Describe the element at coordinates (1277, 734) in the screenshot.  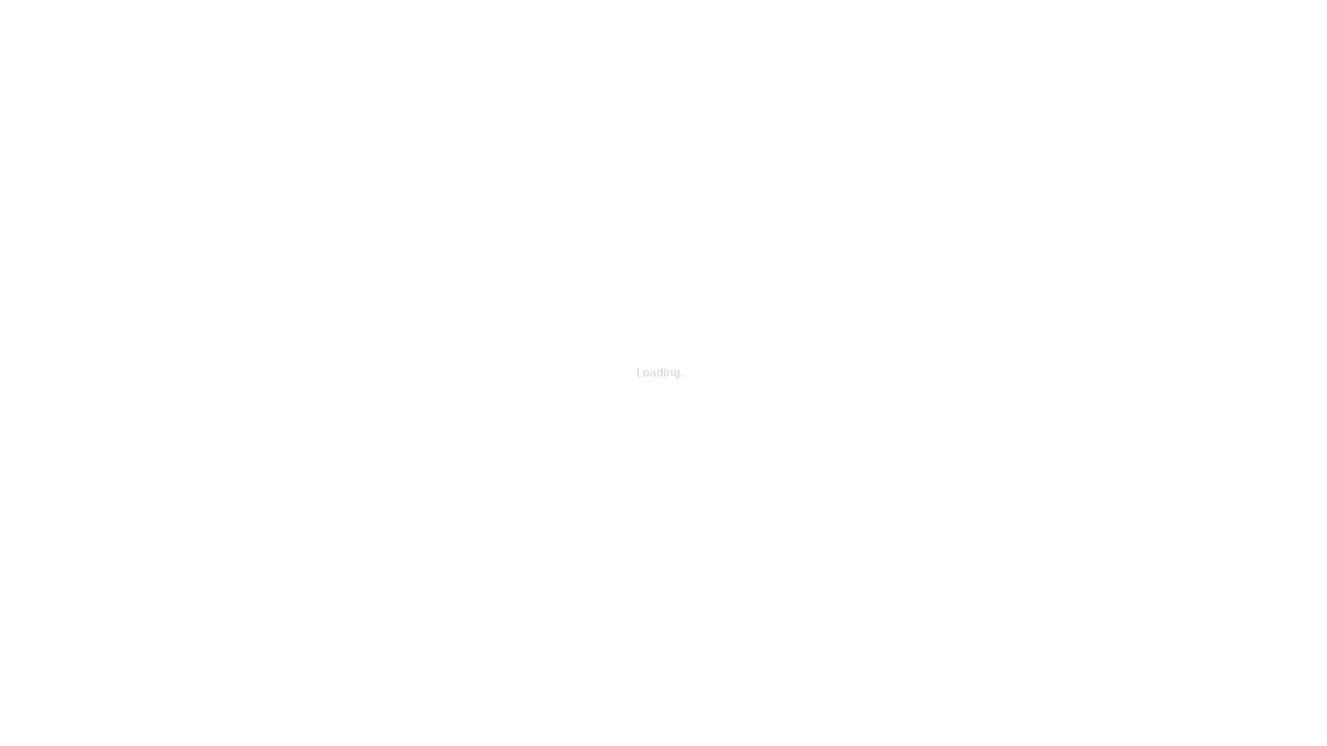
I see `Shareable Code` at that location.